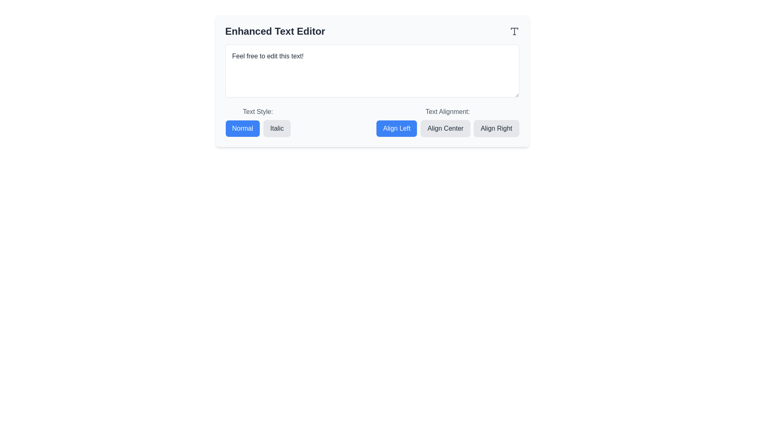 The width and height of the screenshot is (784, 441). Describe the element at coordinates (257, 129) in the screenshot. I see `the 'Normal' button in the Toggle button group located below the 'Text Style:' label in the 'Enhanced Text Editor' interface` at that location.